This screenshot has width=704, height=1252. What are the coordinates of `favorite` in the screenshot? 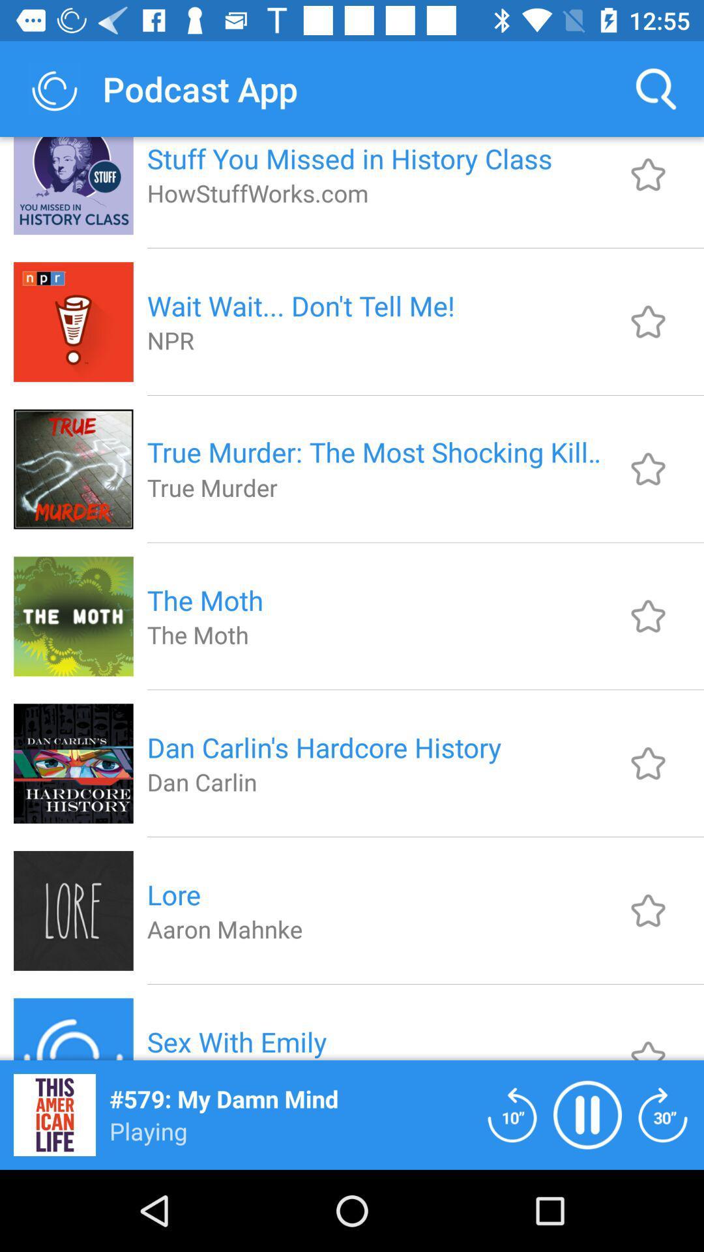 It's located at (648, 321).